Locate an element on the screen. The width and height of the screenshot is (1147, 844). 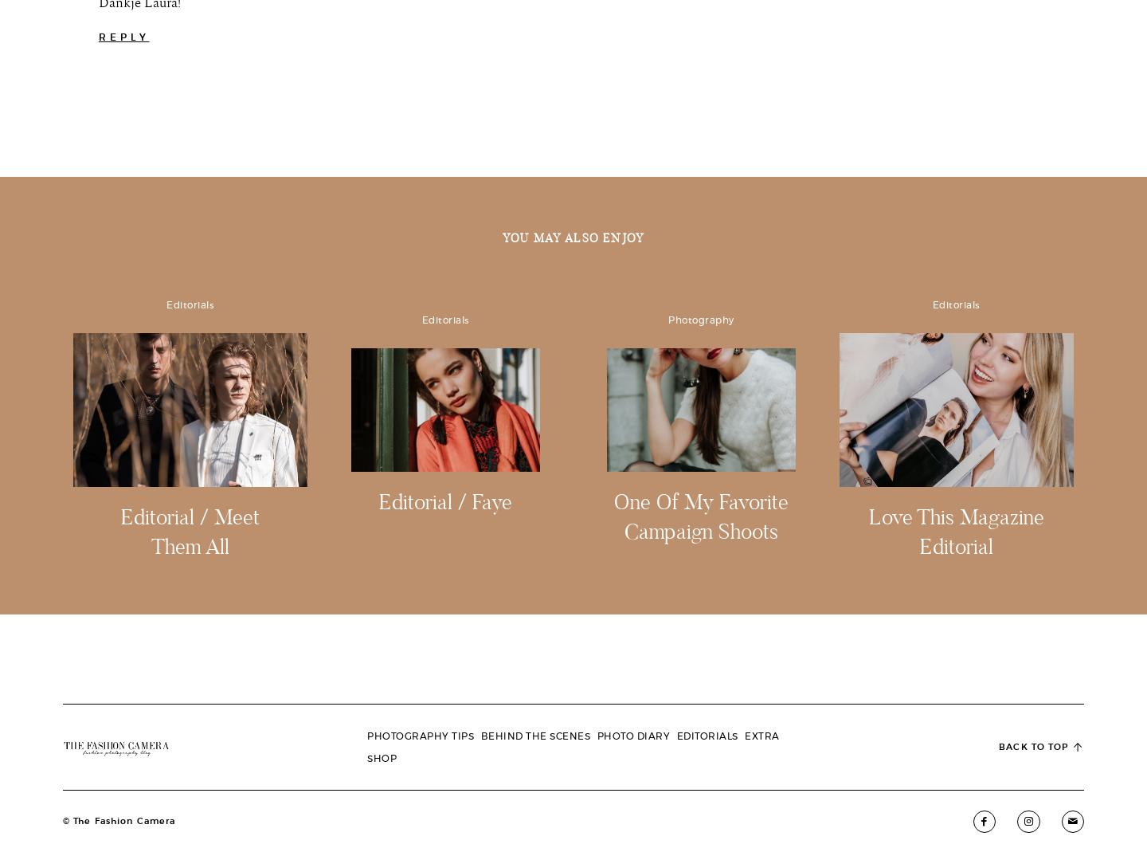
'Love This Magazine Editorial' is located at coordinates (955, 639).